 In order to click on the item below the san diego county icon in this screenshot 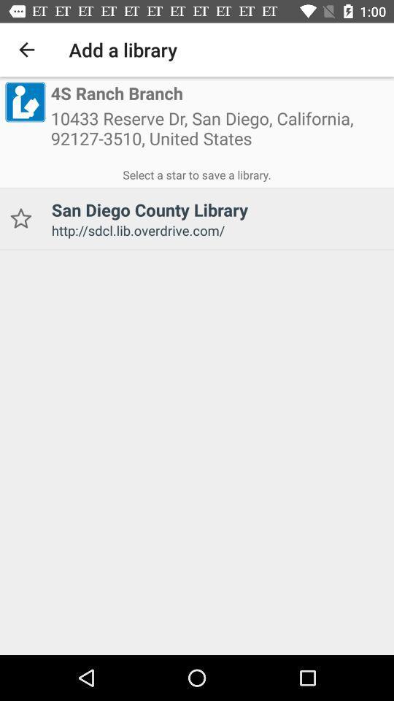, I will do `click(217, 230)`.